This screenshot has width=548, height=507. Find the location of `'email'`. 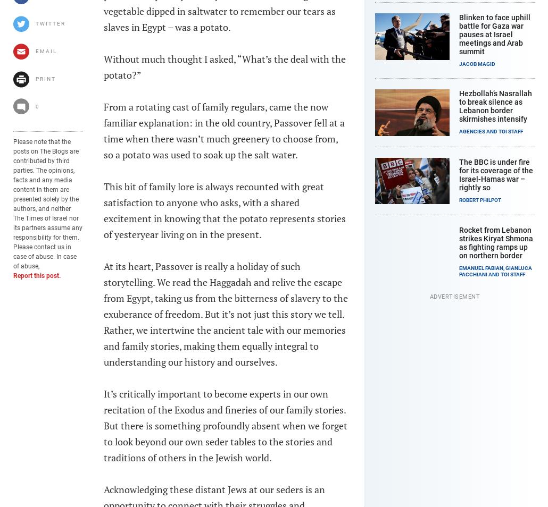

'email' is located at coordinates (35, 50).